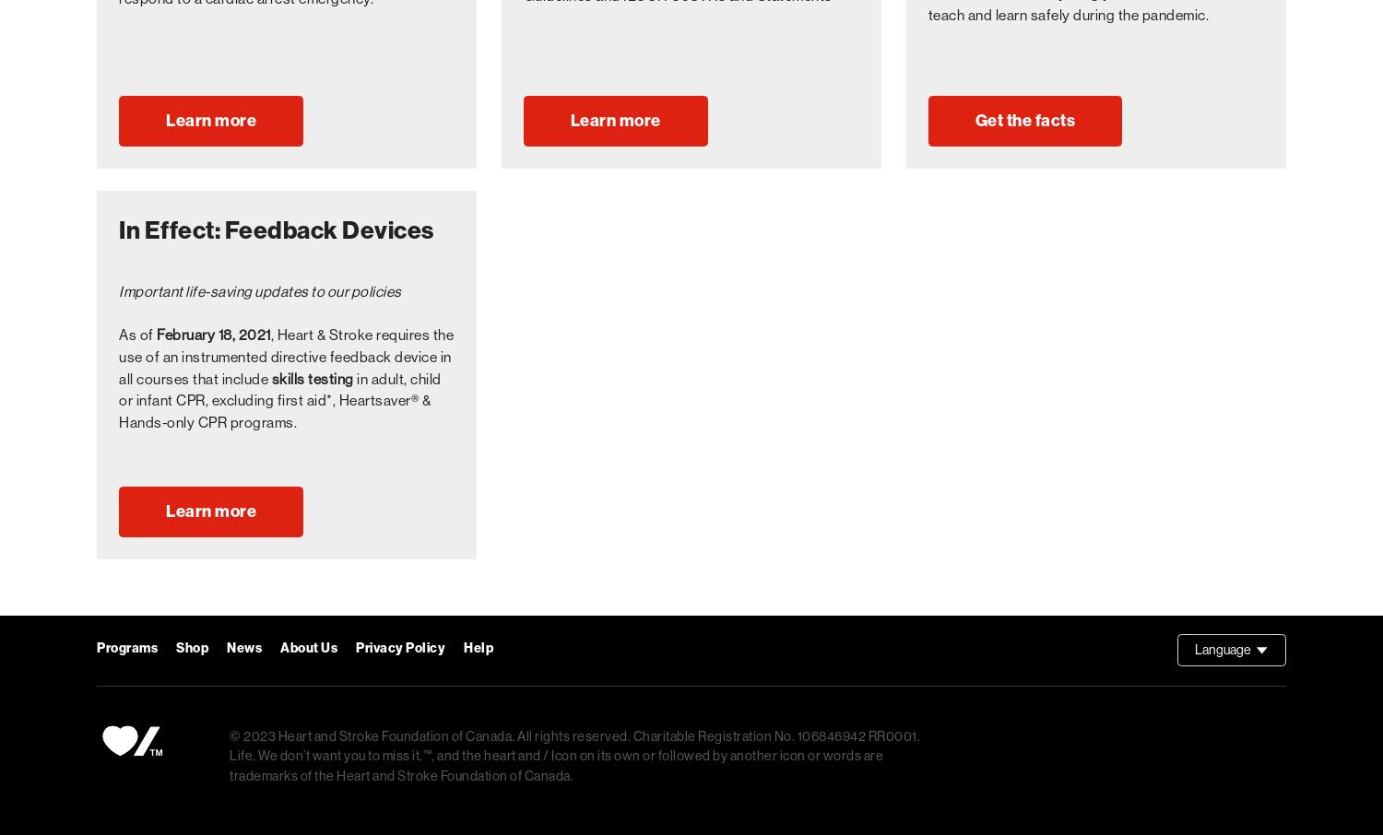 This screenshot has height=835, width=1383. Describe the element at coordinates (244, 647) in the screenshot. I see `'News'` at that location.